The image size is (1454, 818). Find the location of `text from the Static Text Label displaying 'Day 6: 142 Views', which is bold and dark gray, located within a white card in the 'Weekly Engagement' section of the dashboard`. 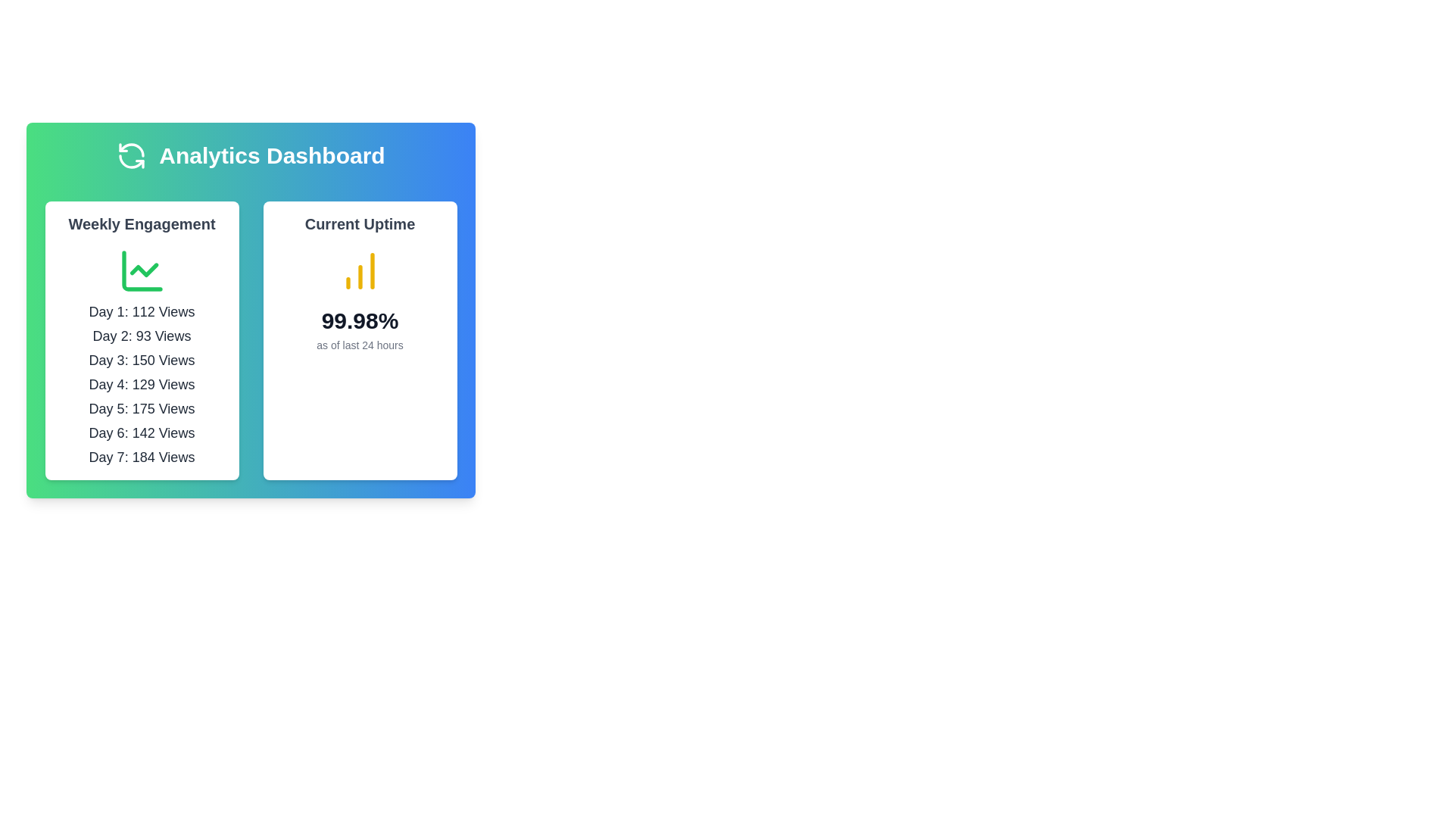

text from the Static Text Label displaying 'Day 6: 142 Views', which is bold and dark gray, located within a white card in the 'Weekly Engagement' section of the dashboard is located at coordinates (142, 432).